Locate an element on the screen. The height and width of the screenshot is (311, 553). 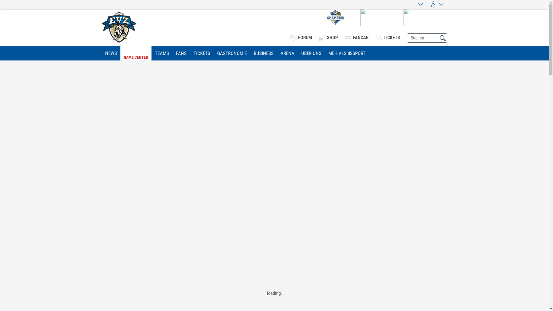
'GAME CENTER' is located at coordinates (135, 53).